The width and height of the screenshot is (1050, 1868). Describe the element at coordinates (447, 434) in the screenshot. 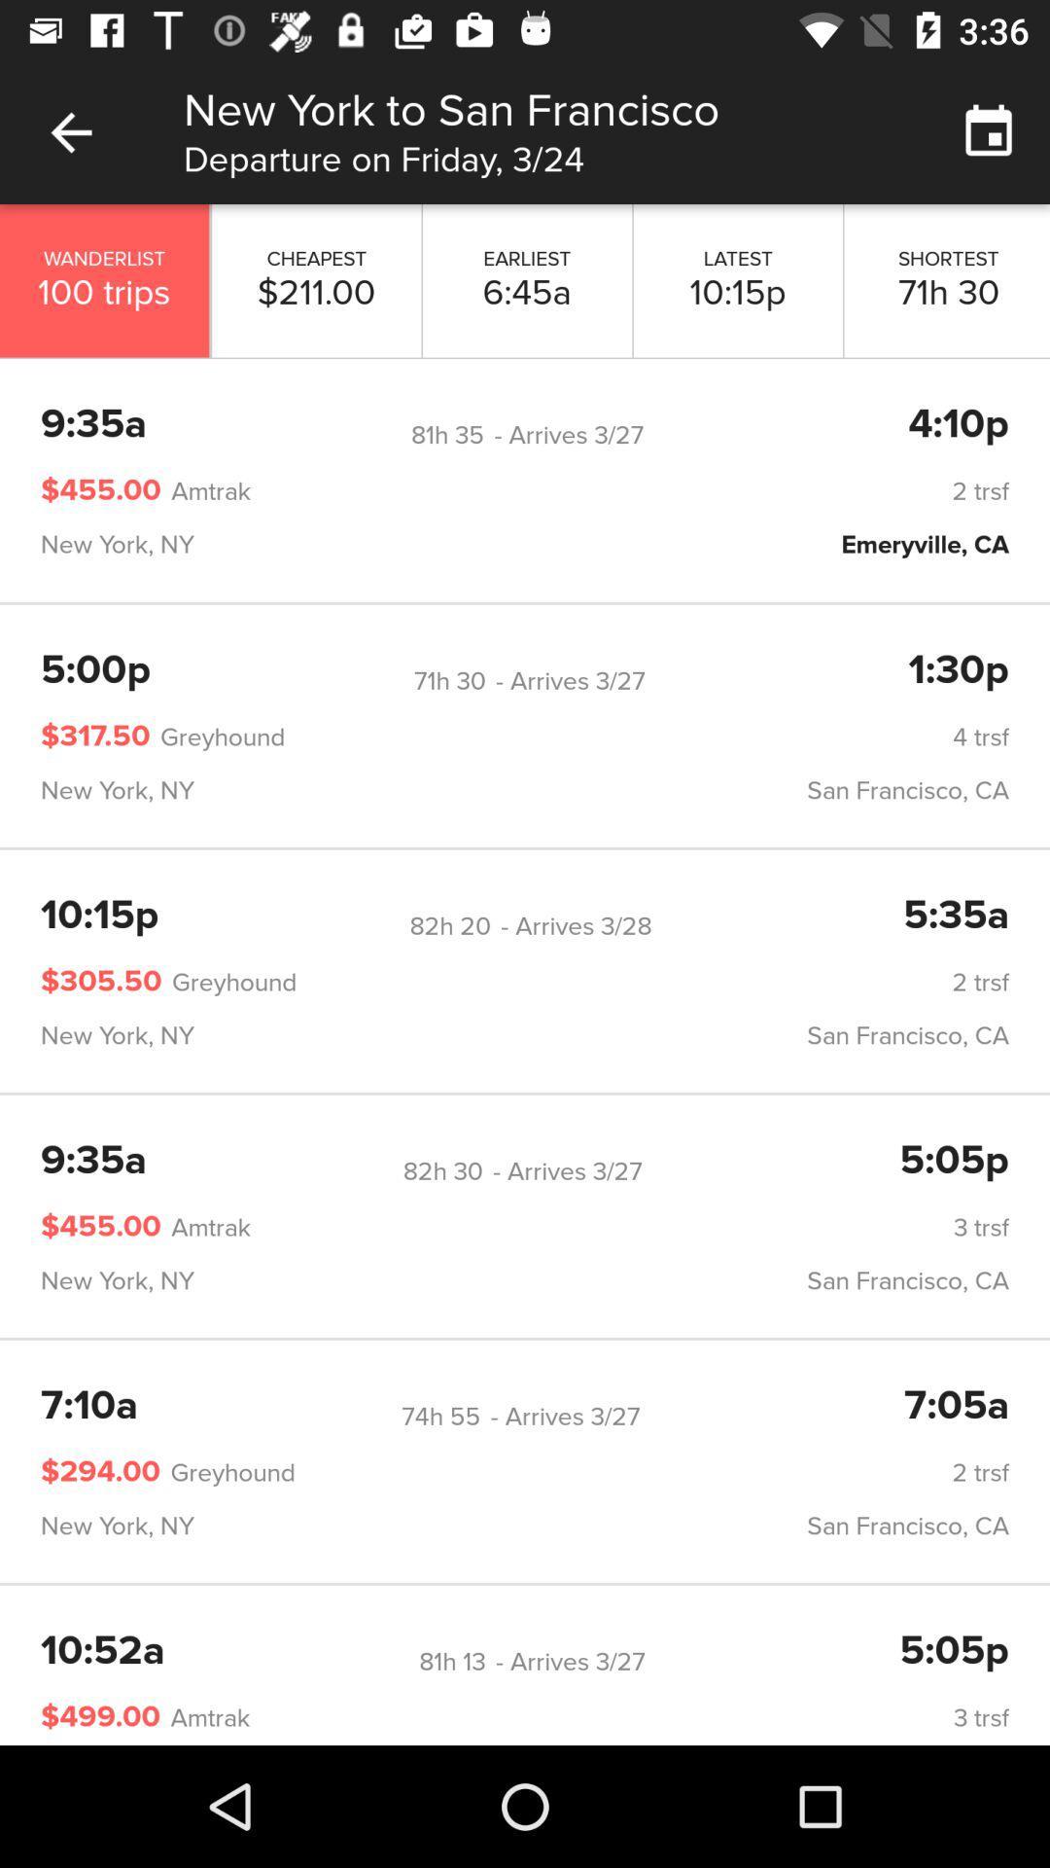

I see `the 81h 35 icon` at that location.